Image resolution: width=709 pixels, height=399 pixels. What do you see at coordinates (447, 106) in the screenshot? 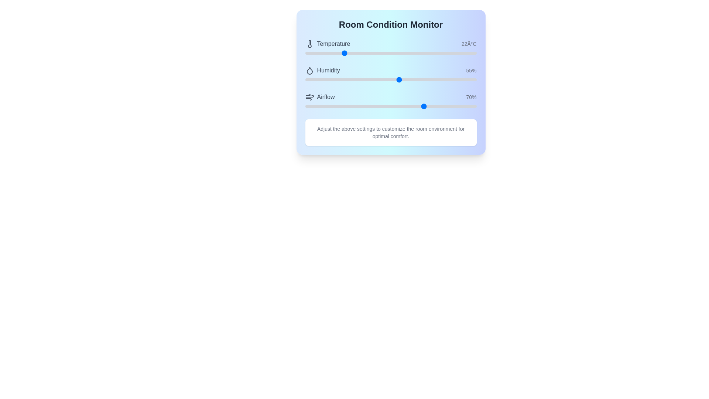
I see `airflow level` at bounding box center [447, 106].